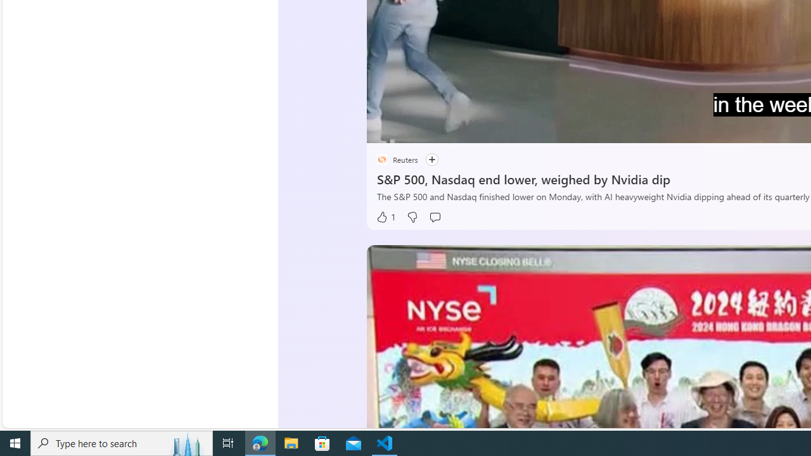 This screenshot has width=811, height=456. I want to click on 'Follow', so click(425, 159).